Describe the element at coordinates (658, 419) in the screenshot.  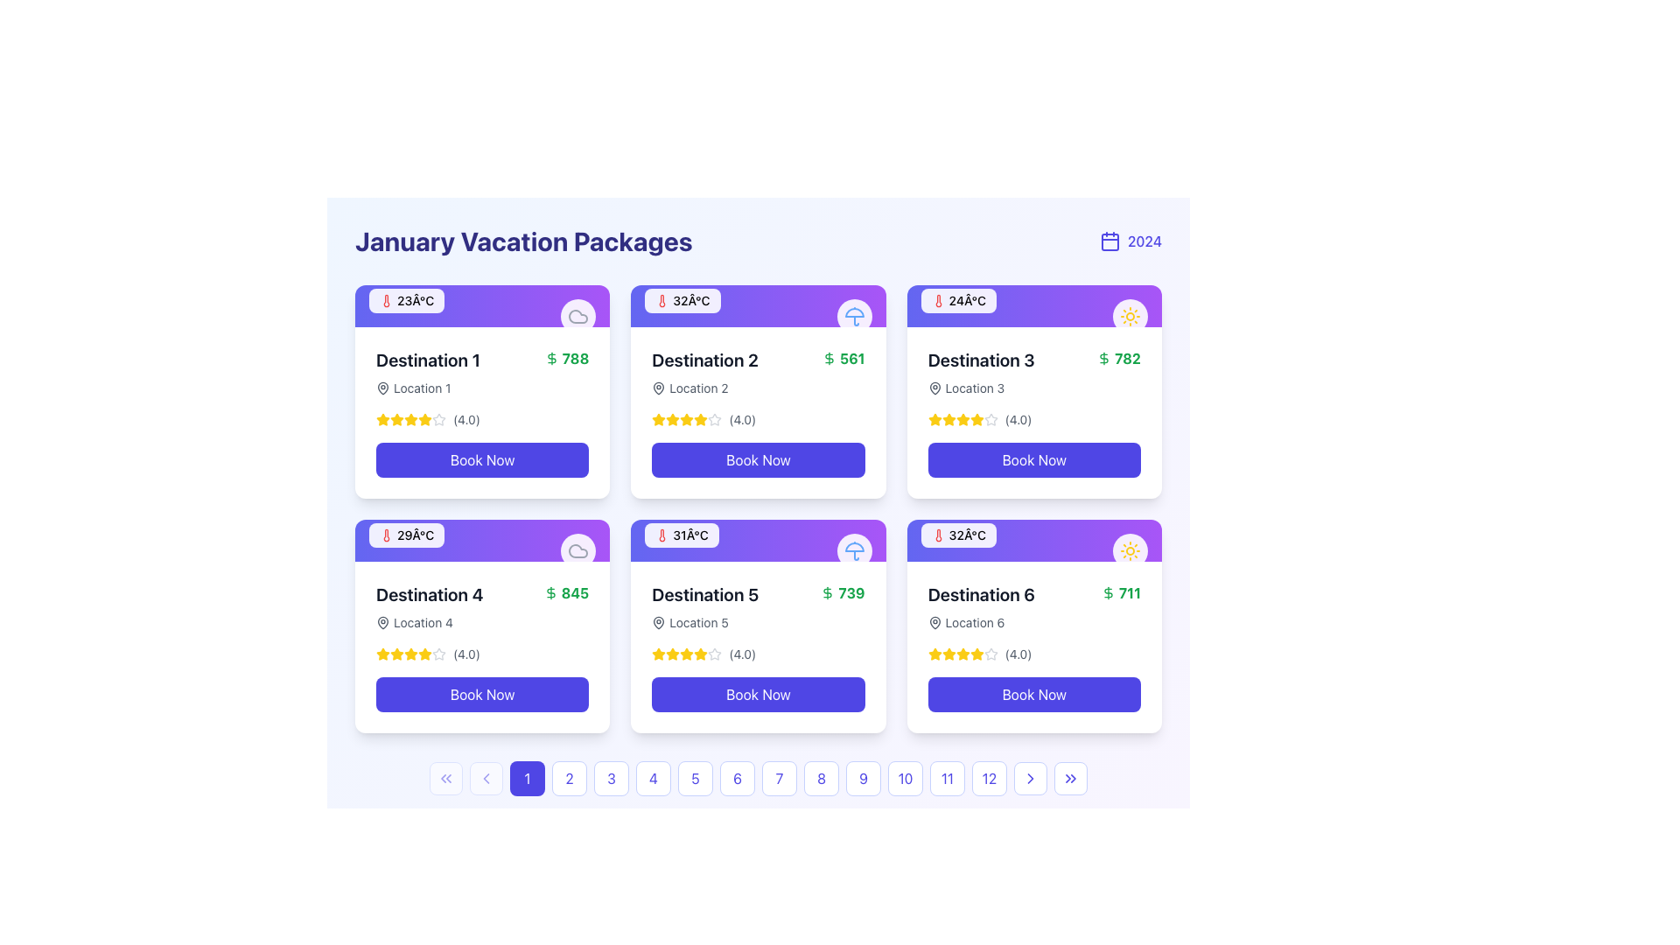
I see `the filled yellow star icon, the first star on the left in the rating section of the second destination card in the top row of the grid to interact with it` at that location.